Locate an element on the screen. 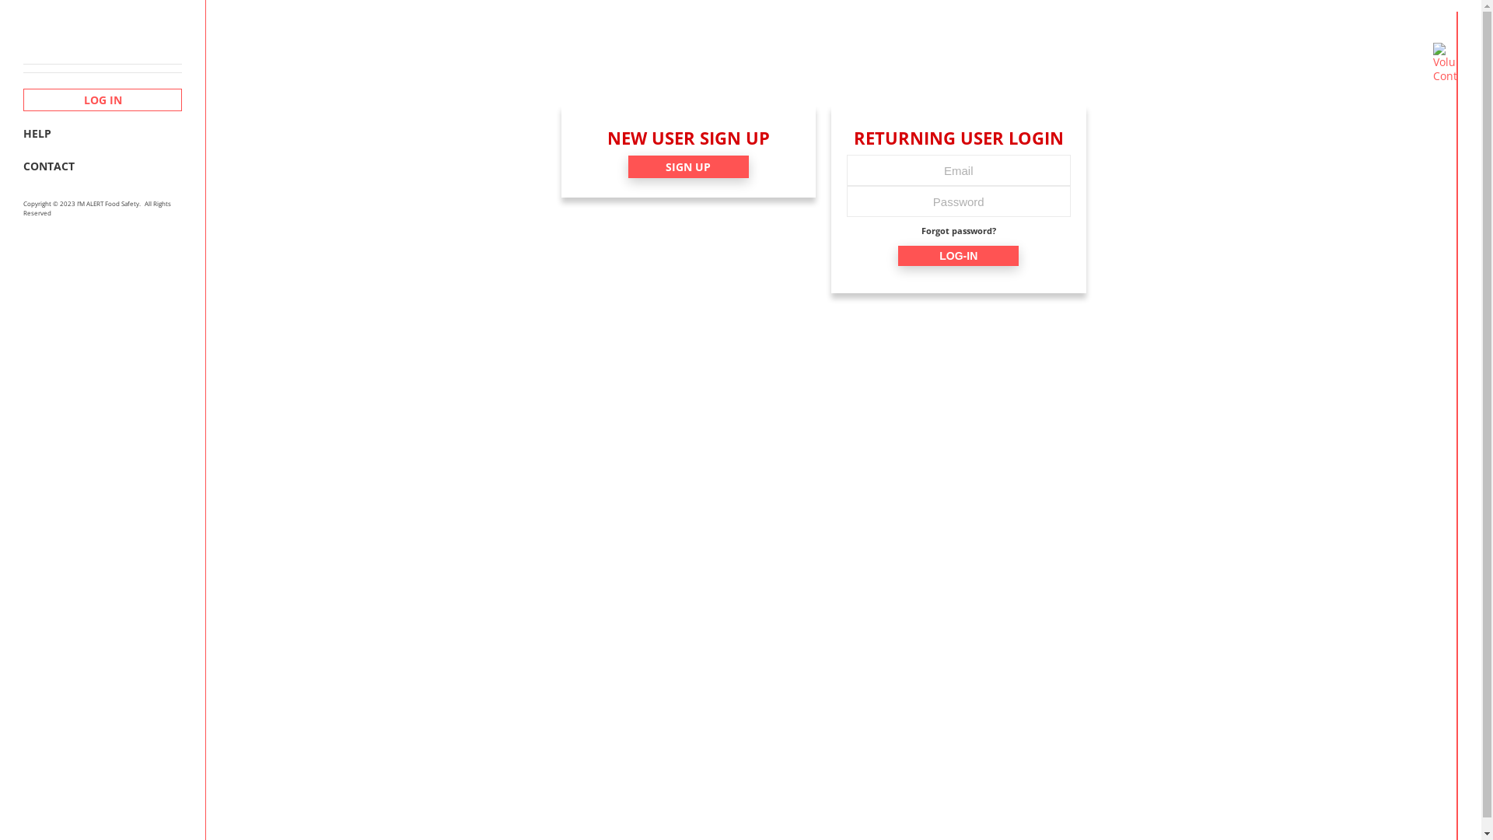  'LOG-IN' is located at coordinates (957, 254).